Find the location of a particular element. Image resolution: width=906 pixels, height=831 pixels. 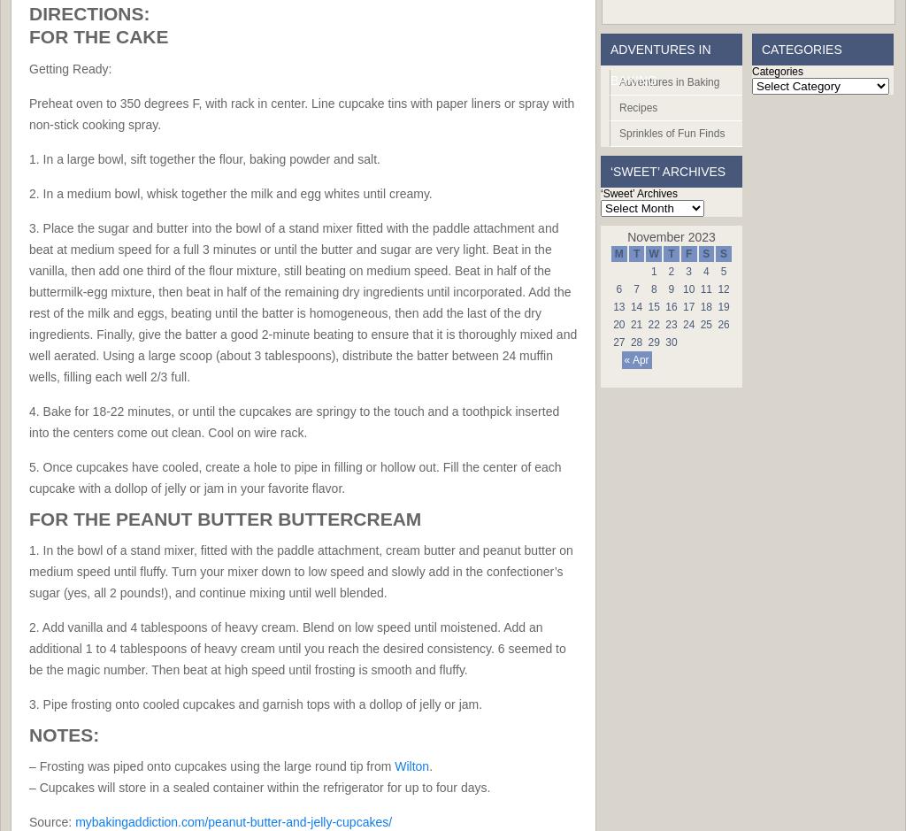

'2. In a medium bowl, whisk together the milk and egg whites until creamy.' is located at coordinates (230, 193).